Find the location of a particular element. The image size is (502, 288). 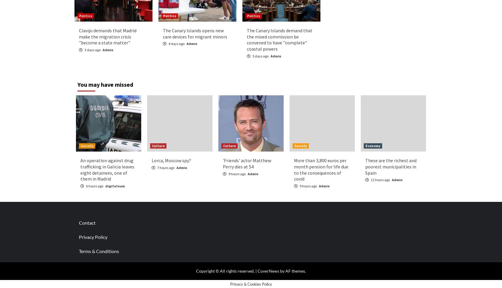

'3 days ago' is located at coordinates (92, 50).